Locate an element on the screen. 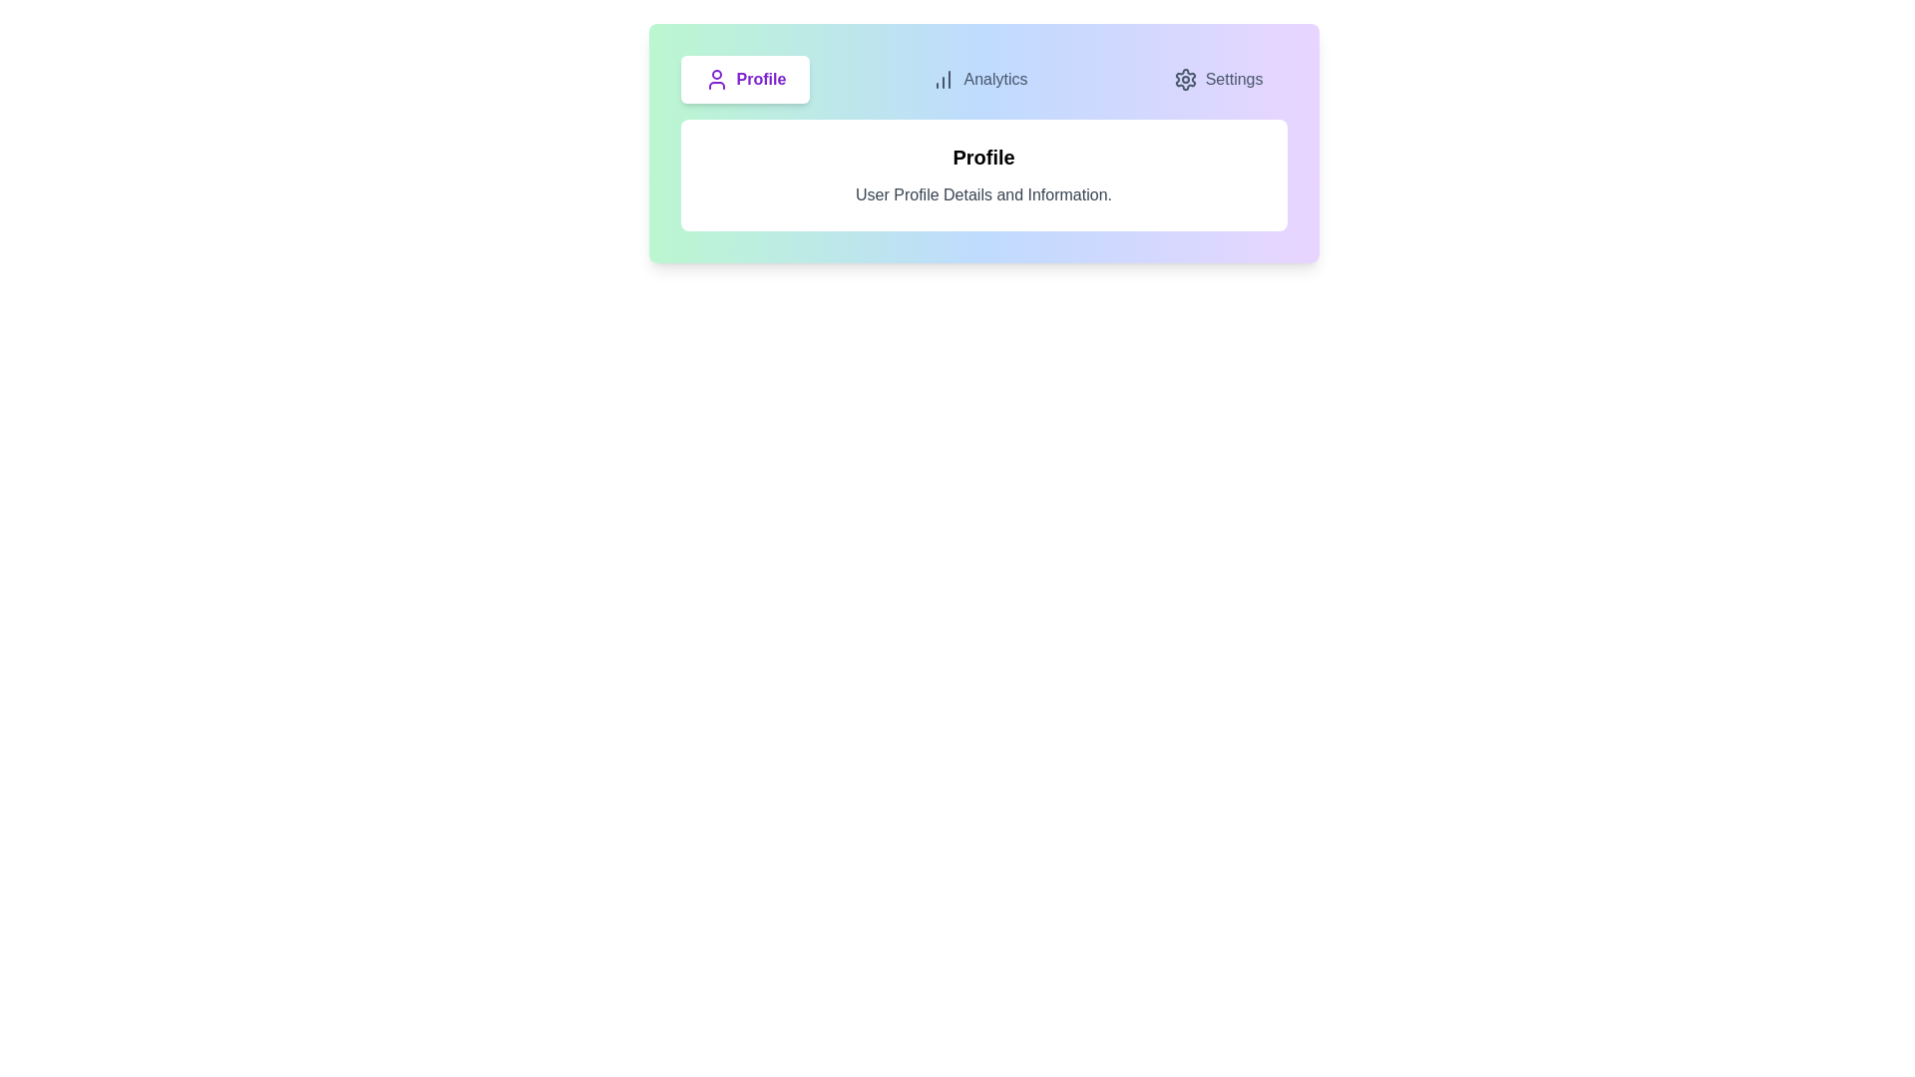 The height and width of the screenshot is (1077, 1915). the Settings tab is located at coordinates (1216, 79).